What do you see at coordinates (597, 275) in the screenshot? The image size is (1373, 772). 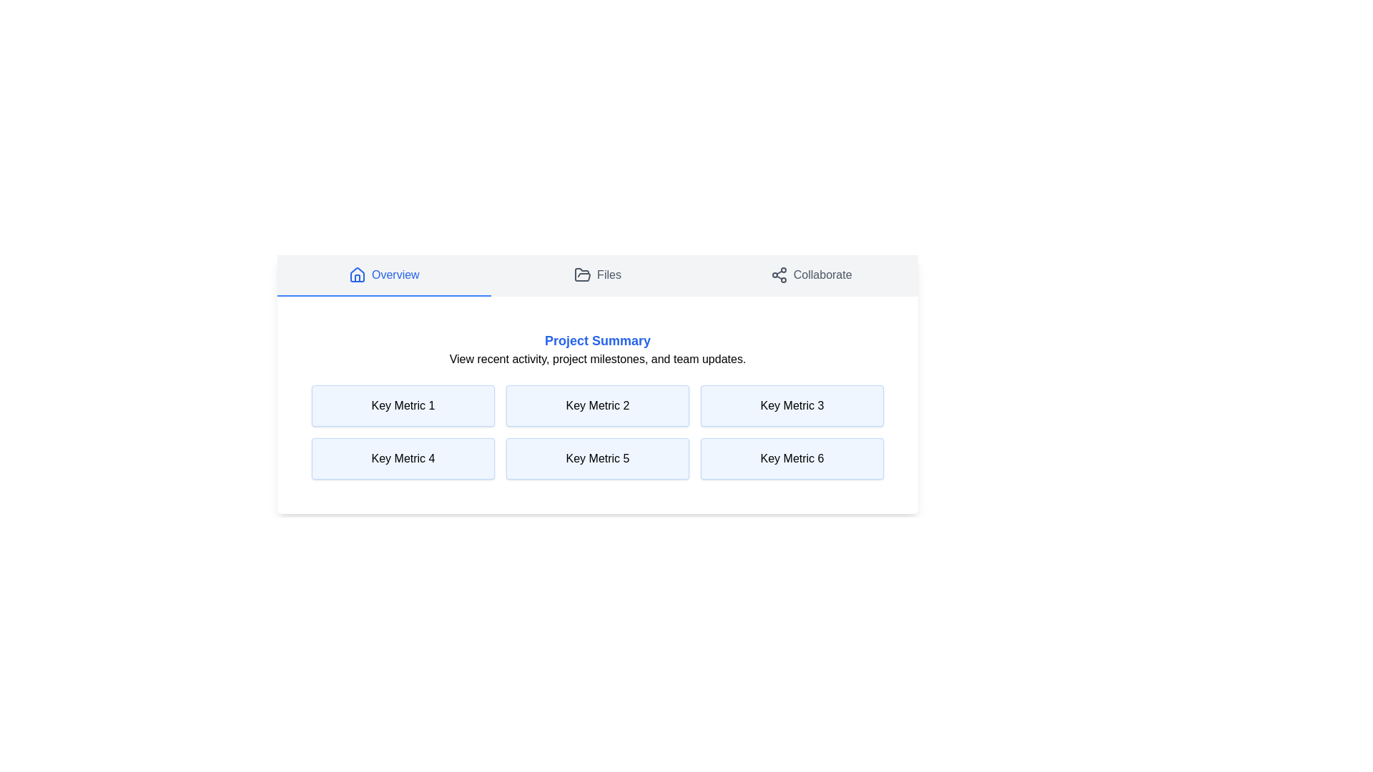 I see `the 'Files' navigation item in the horizontal navigation bar` at bounding box center [597, 275].